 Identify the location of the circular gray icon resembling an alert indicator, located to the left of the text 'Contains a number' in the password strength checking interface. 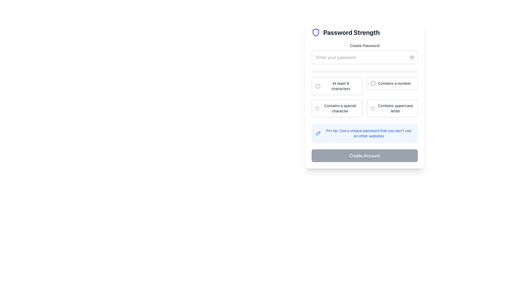
(373, 83).